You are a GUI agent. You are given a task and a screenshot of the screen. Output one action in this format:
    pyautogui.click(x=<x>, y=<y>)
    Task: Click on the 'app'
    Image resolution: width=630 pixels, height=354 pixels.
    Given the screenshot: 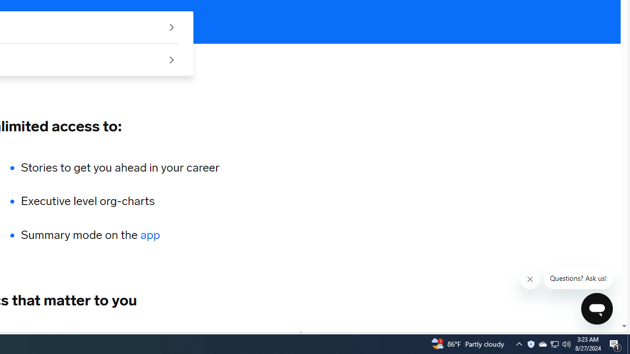 What is the action you would take?
    pyautogui.click(x=150, y=235)
    